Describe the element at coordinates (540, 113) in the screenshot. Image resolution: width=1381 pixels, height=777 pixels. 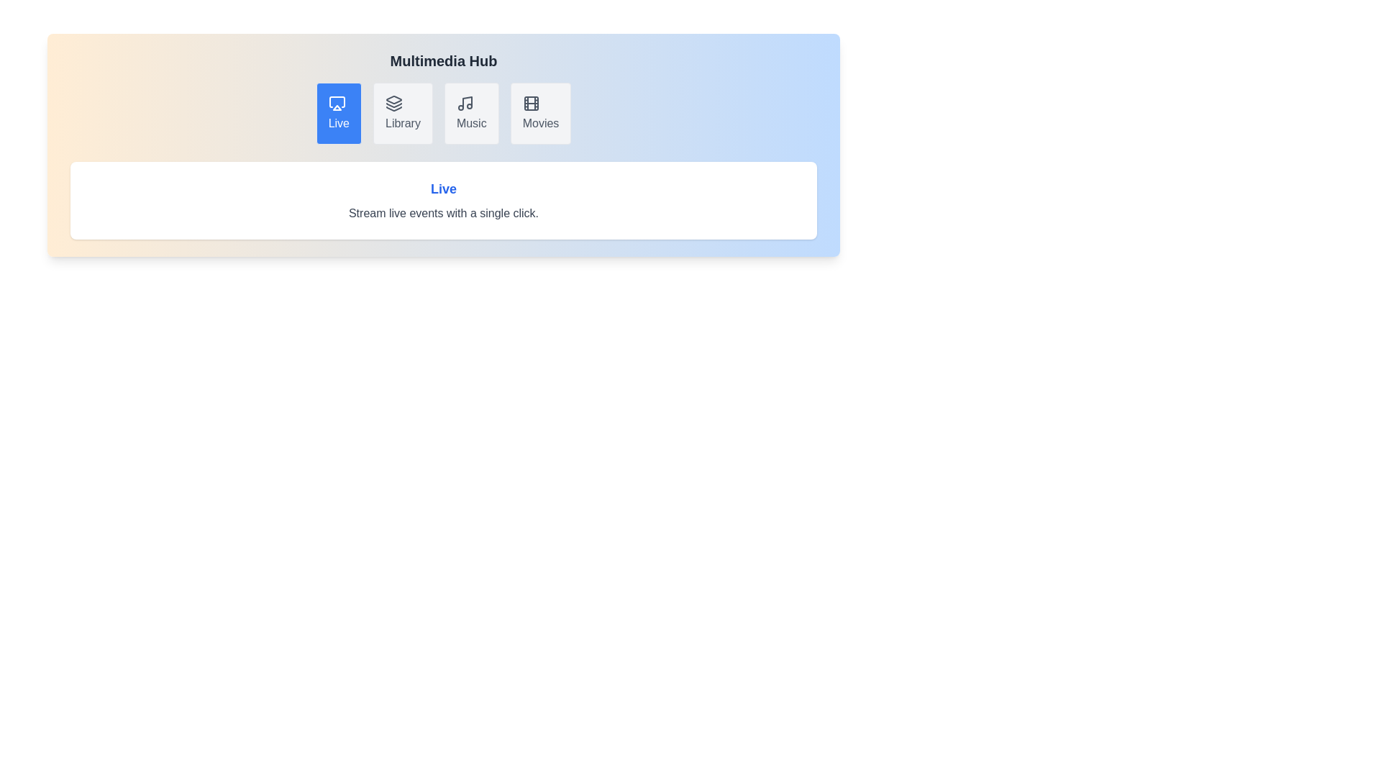
I see `the tab labeled Movies to view its content` at that location.